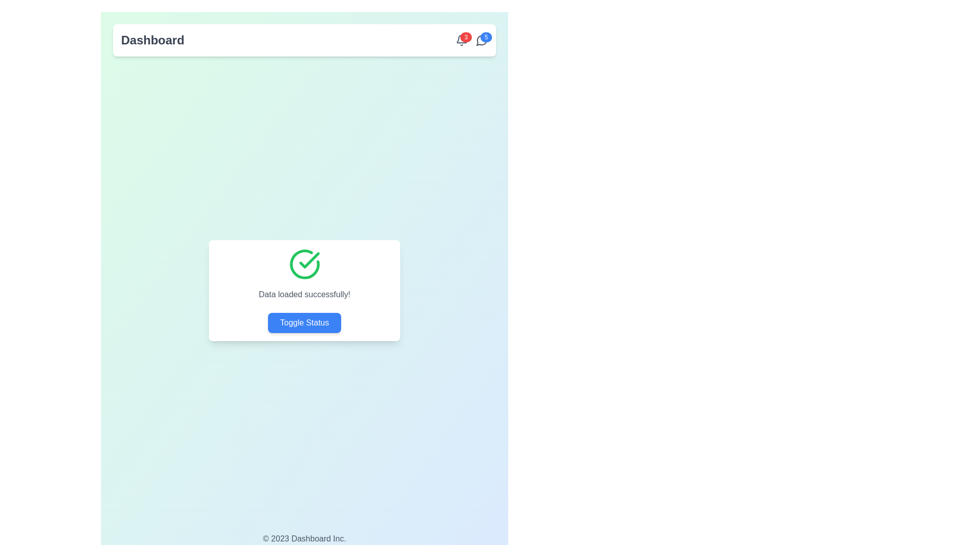 This screenshot has height=545, width=969. What do you see at coordinates (481, 40) in the screenshot?
I see `notification count displayed on the blue circular badge containing the number '5' in white font, located at the top-right corner of the speech bubble icon` at bounding box center [481, 40].